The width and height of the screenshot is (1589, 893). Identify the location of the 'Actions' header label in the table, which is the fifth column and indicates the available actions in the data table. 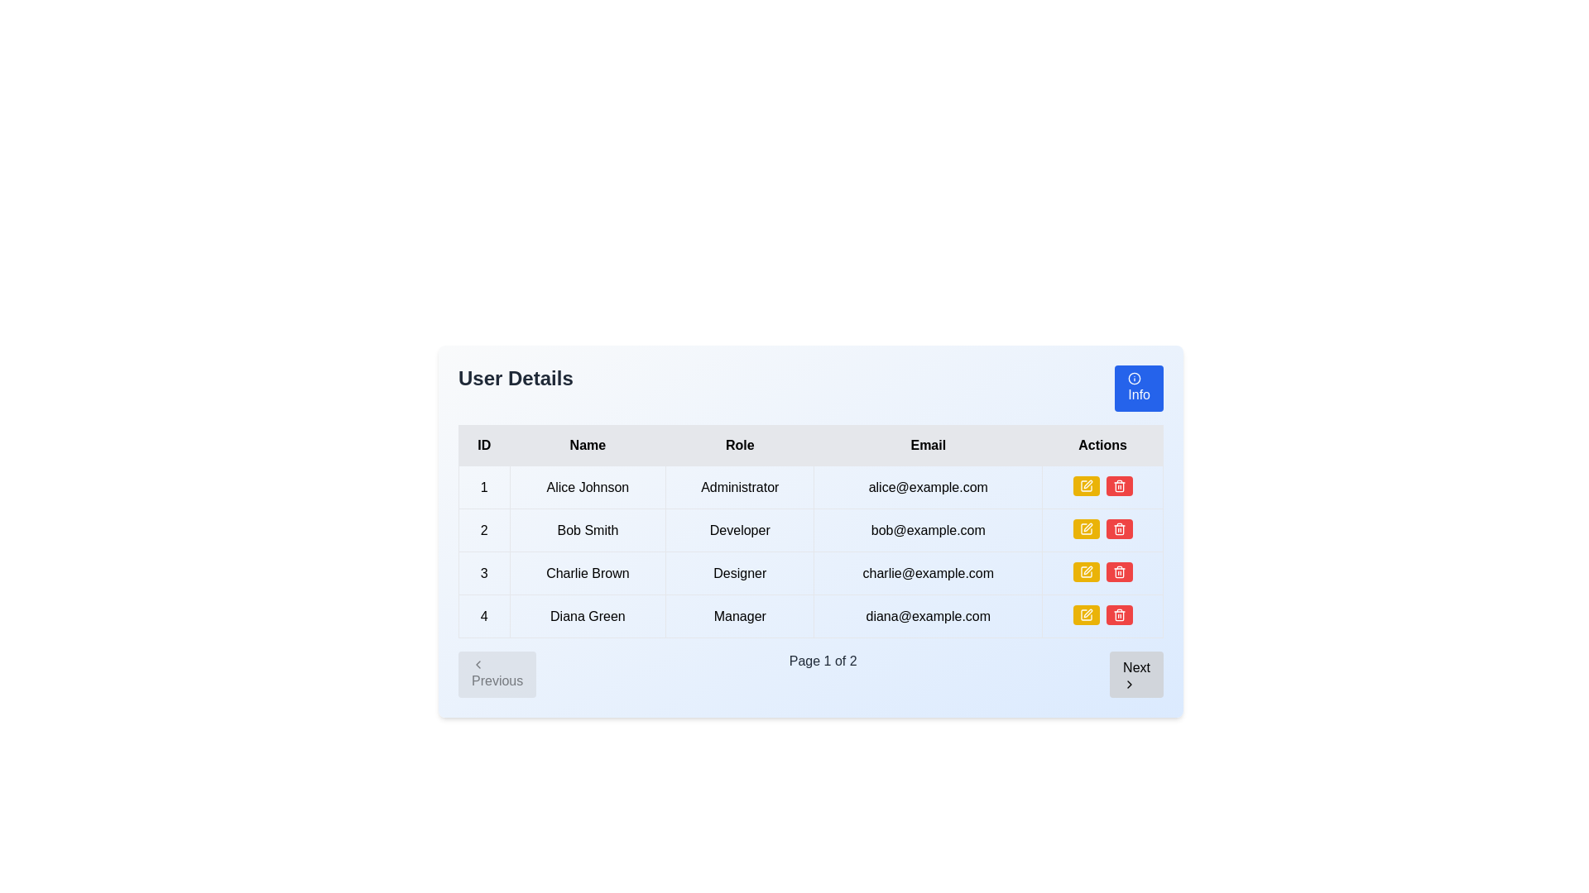
(1102, 445).